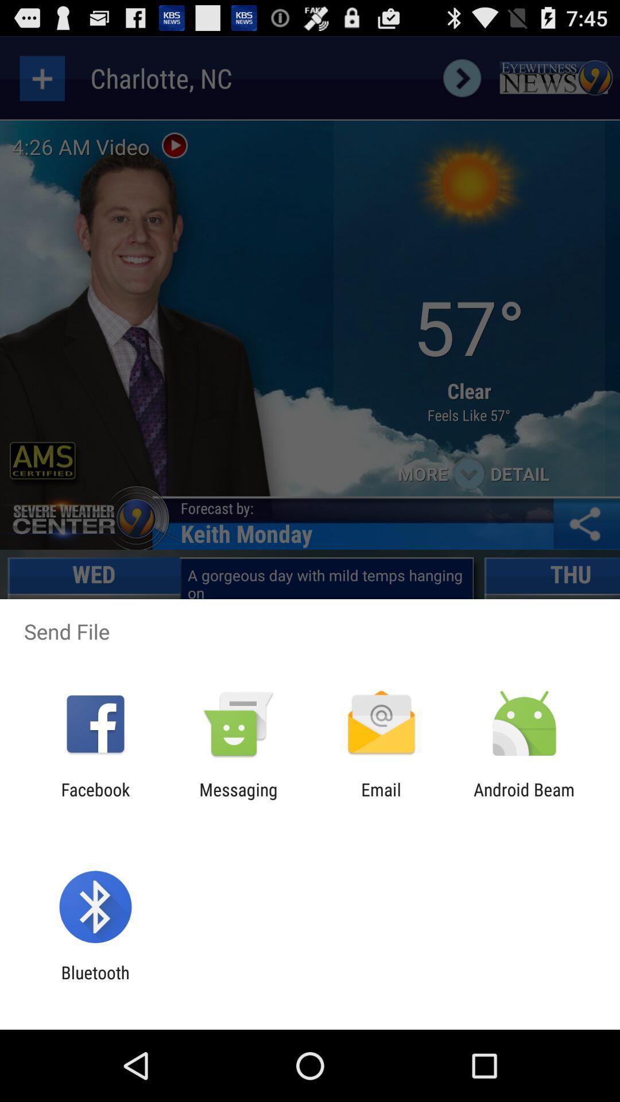 The width and height of the screenshot is (620, 1102). I want to click on facebook item, so click(95, 799).